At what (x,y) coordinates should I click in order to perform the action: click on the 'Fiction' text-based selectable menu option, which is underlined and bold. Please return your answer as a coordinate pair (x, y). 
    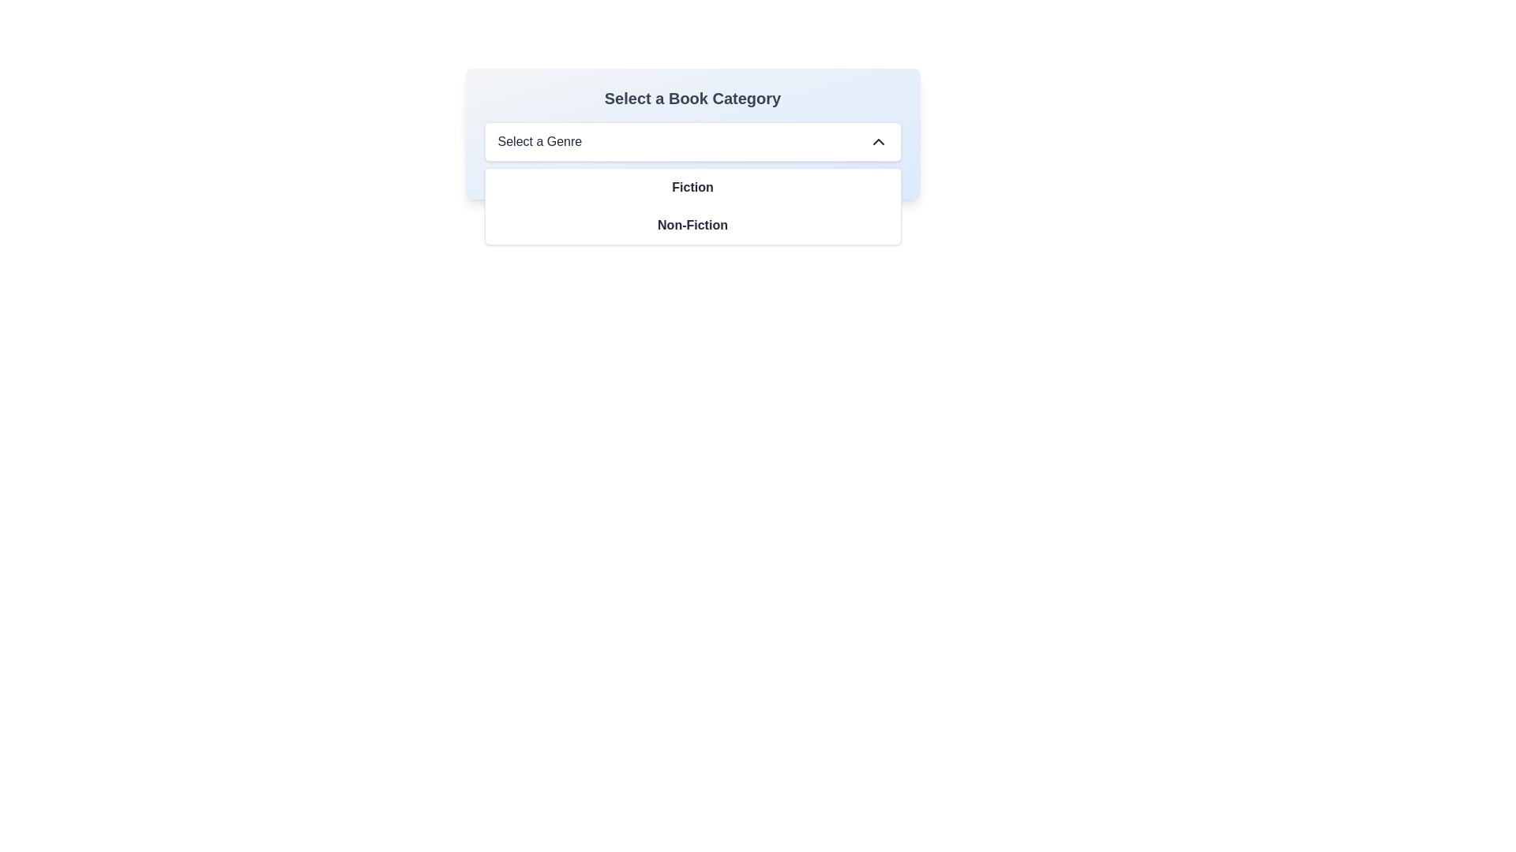
    Looking at the image, I should click on (692, 187).